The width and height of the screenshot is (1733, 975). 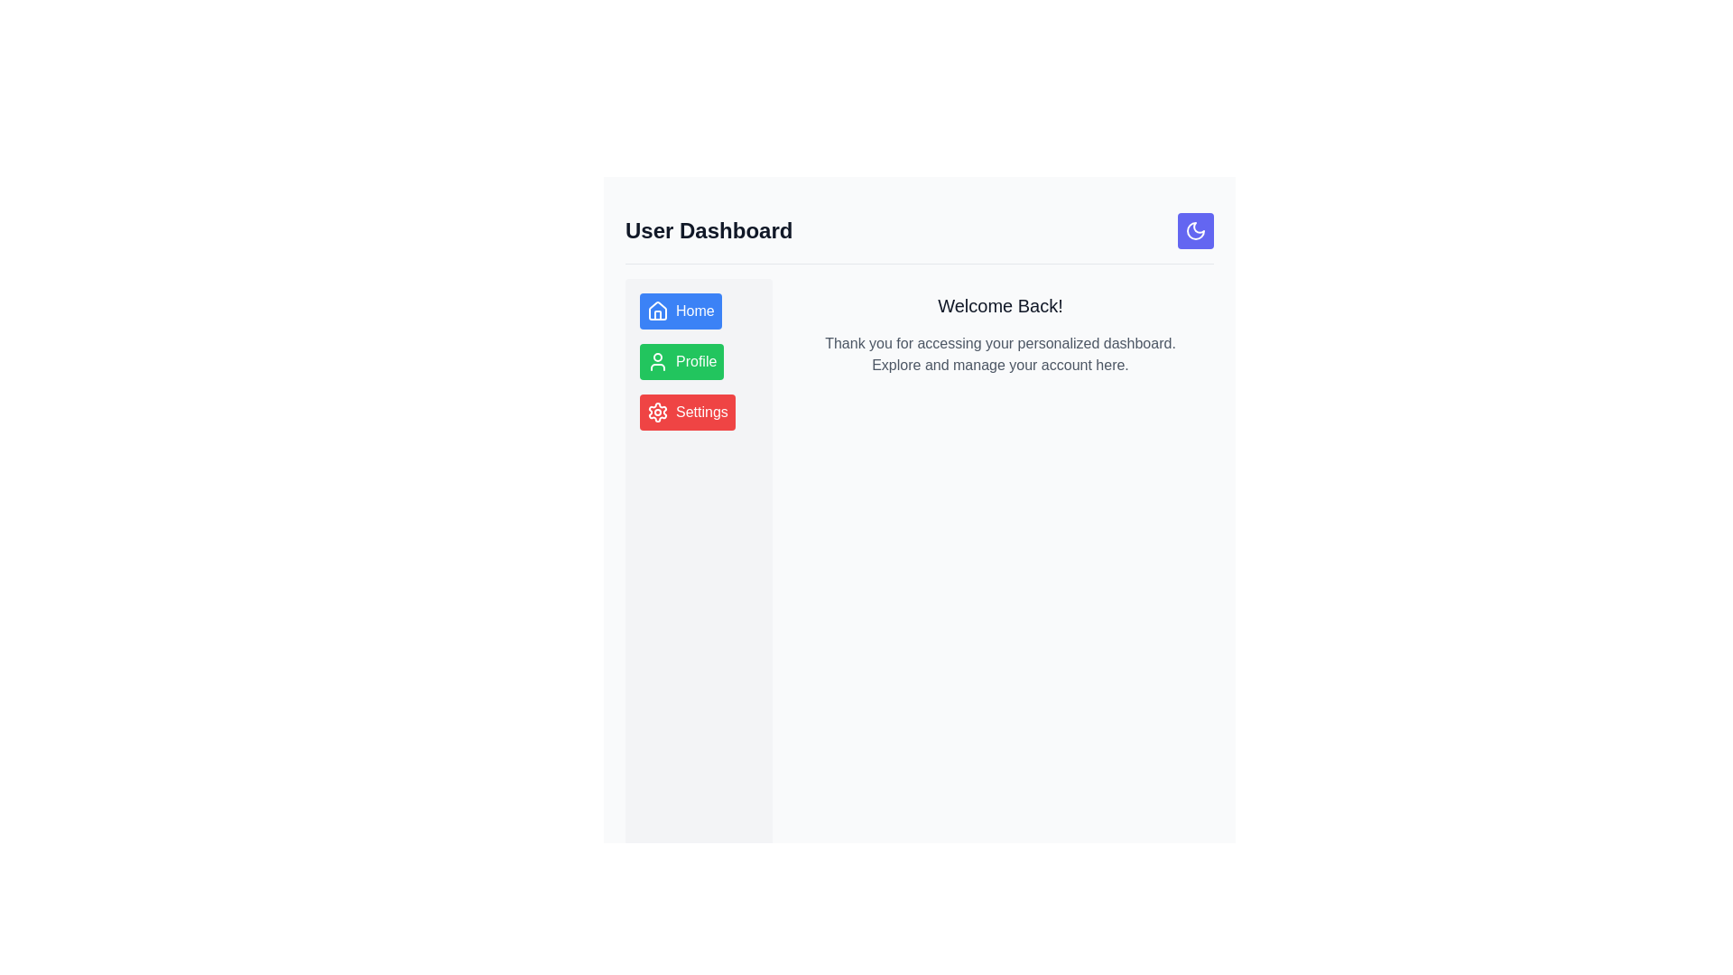 What do you see at coordinates (657, 362) in the screenshot?
I see `the simplistic user icon, which consists of a small circular head and a larger semi-circular shoulder shape, located within the green rectangular button to the left of the 'Profile' text in the vertical menu bar` at bounding box center [657, 362].